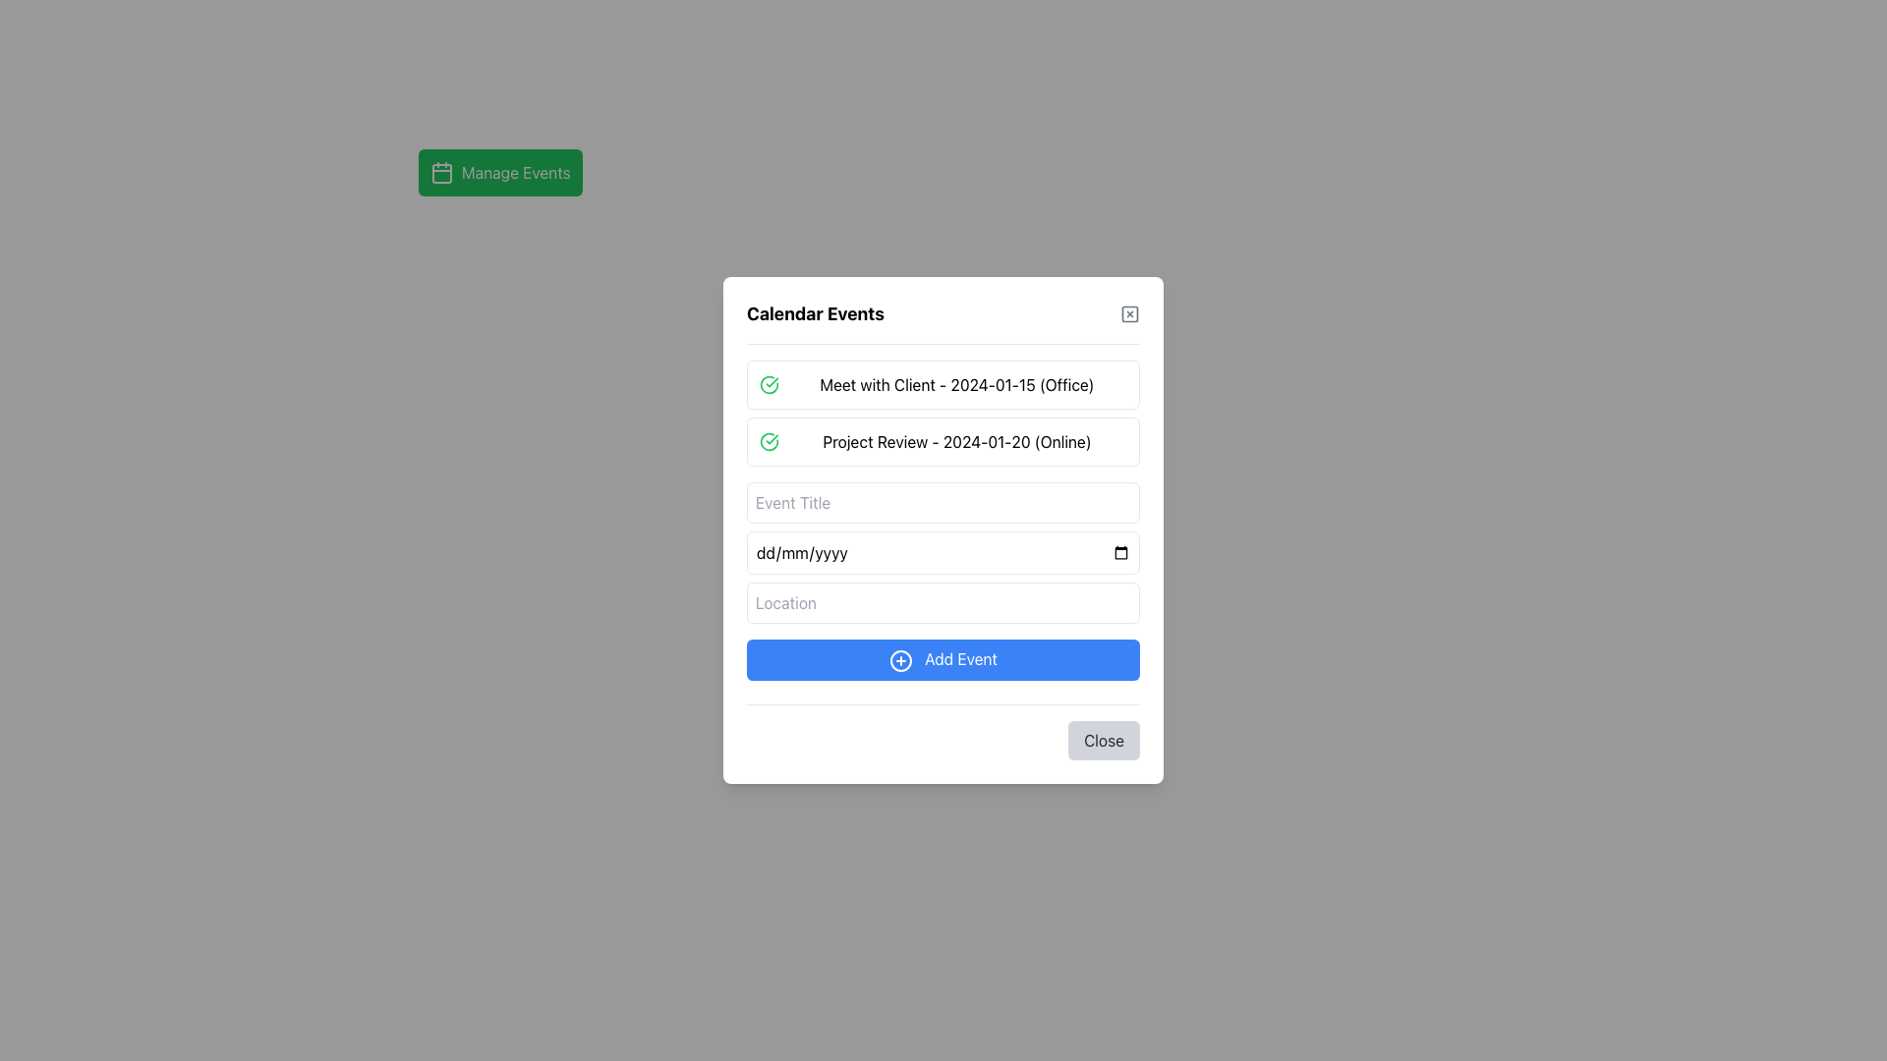 Image resolution: width=1887 pixels, height=1061 pixels. What do you see at coordinates (957, 442) in the screenshot?
I see `the text label displaying 'Project Review - 2024-01-20 (Online)' which is located in the center of the dialog box and is accompanied by an icon on its left` at bounding box center [957, 442].